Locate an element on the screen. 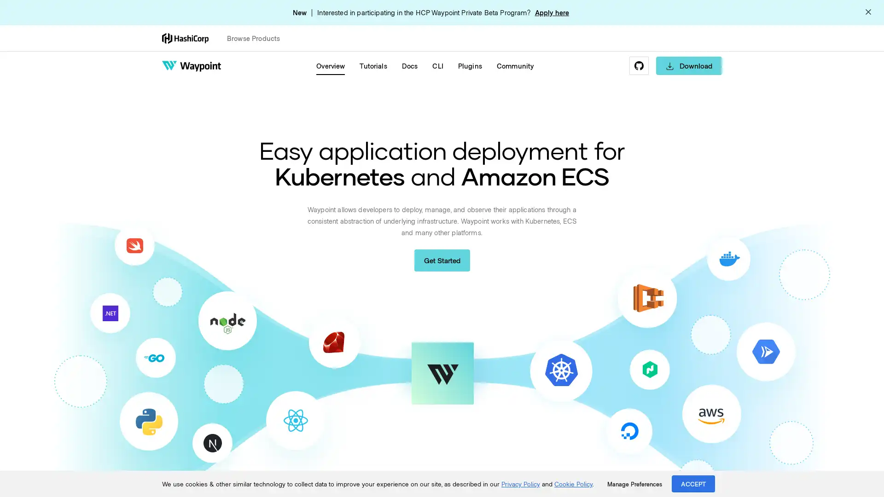  Browse Products Open this menu is located at coordinates (257, 38).